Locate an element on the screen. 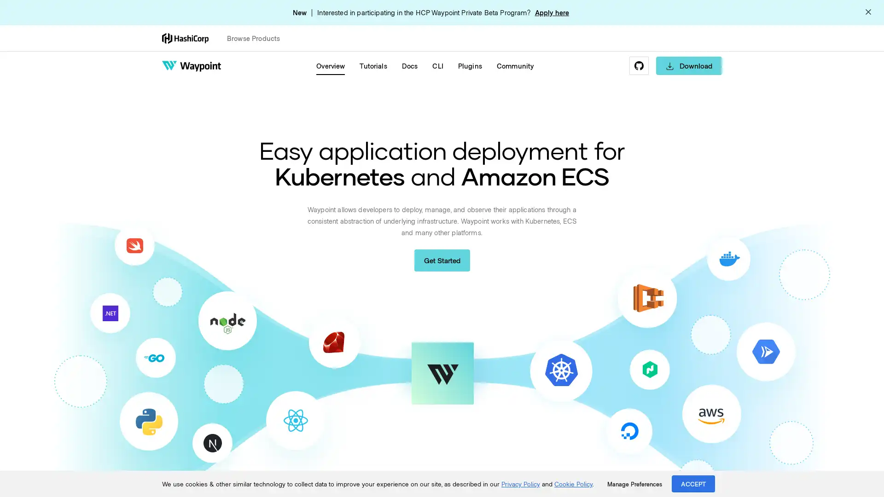  Browse Products Open this menu is located at coordinates (257, 38).